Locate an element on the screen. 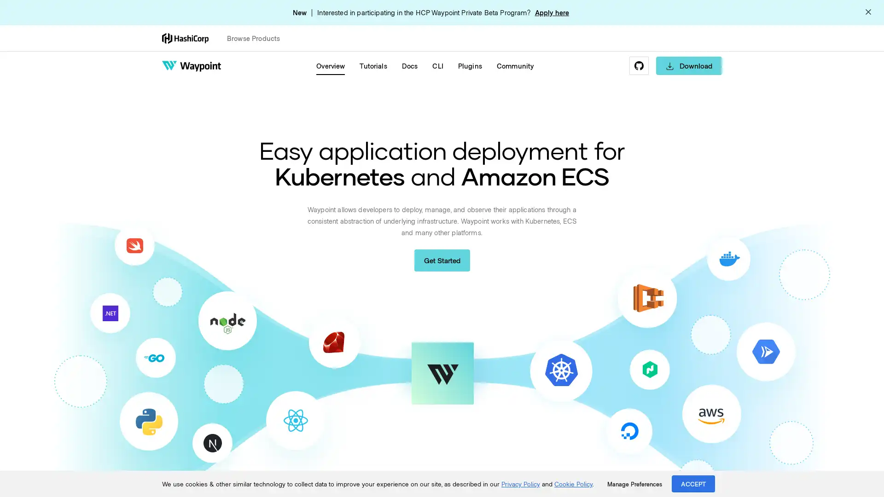  Browse Products Open this menu is located at coordinates (257, 38).